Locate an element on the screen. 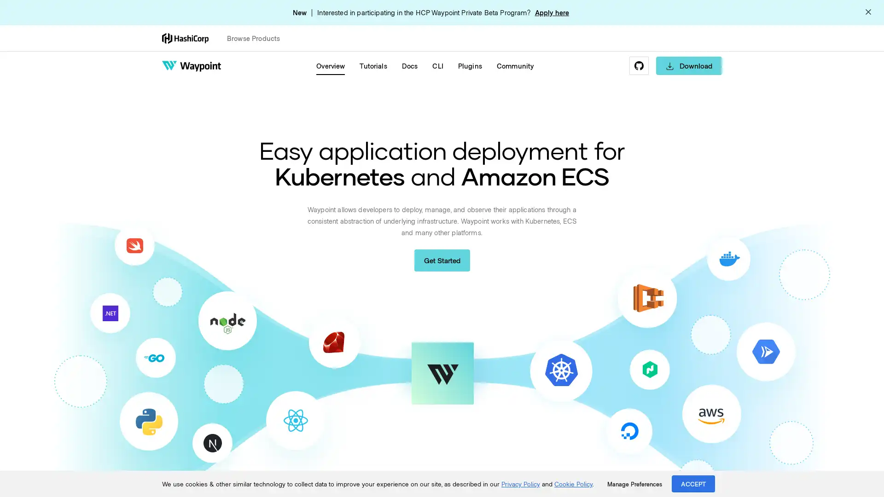  Browse Products Open this menu is located at coordinates (257, 38).